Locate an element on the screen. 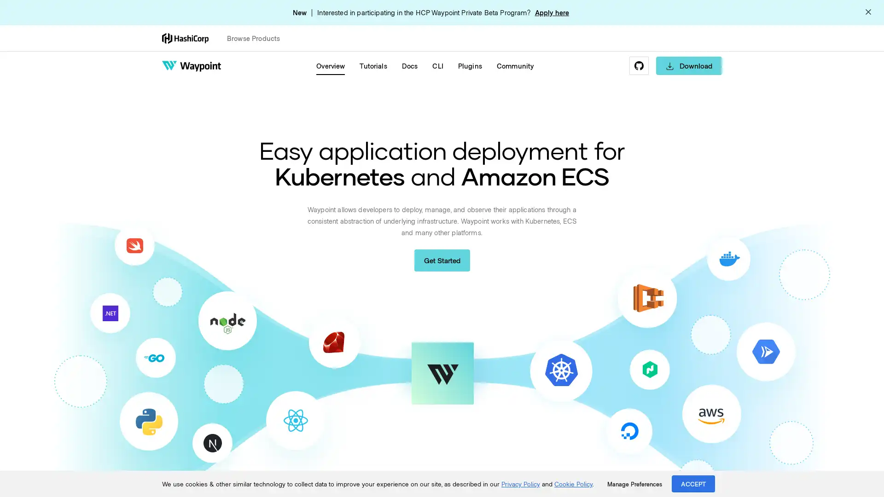  Browse Products Open this menu is located at coordinates (257, 38).